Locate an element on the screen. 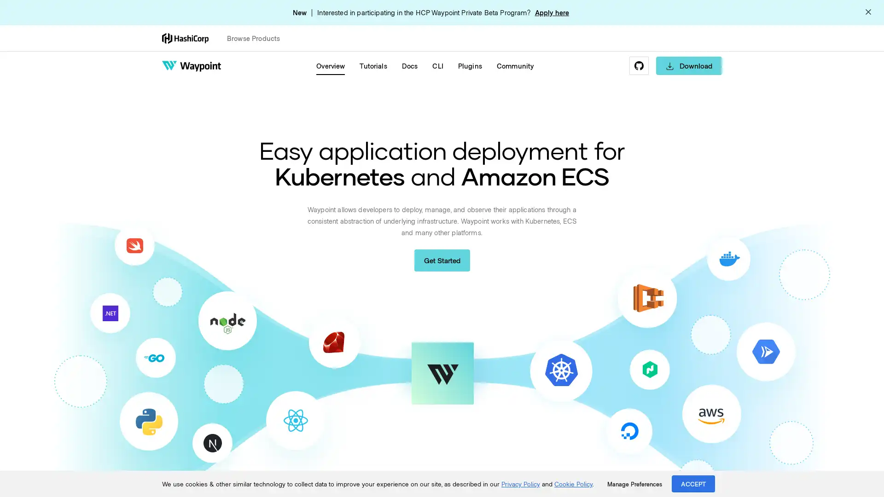  Browse Products Open this menu is located at coordinates (257, 38).